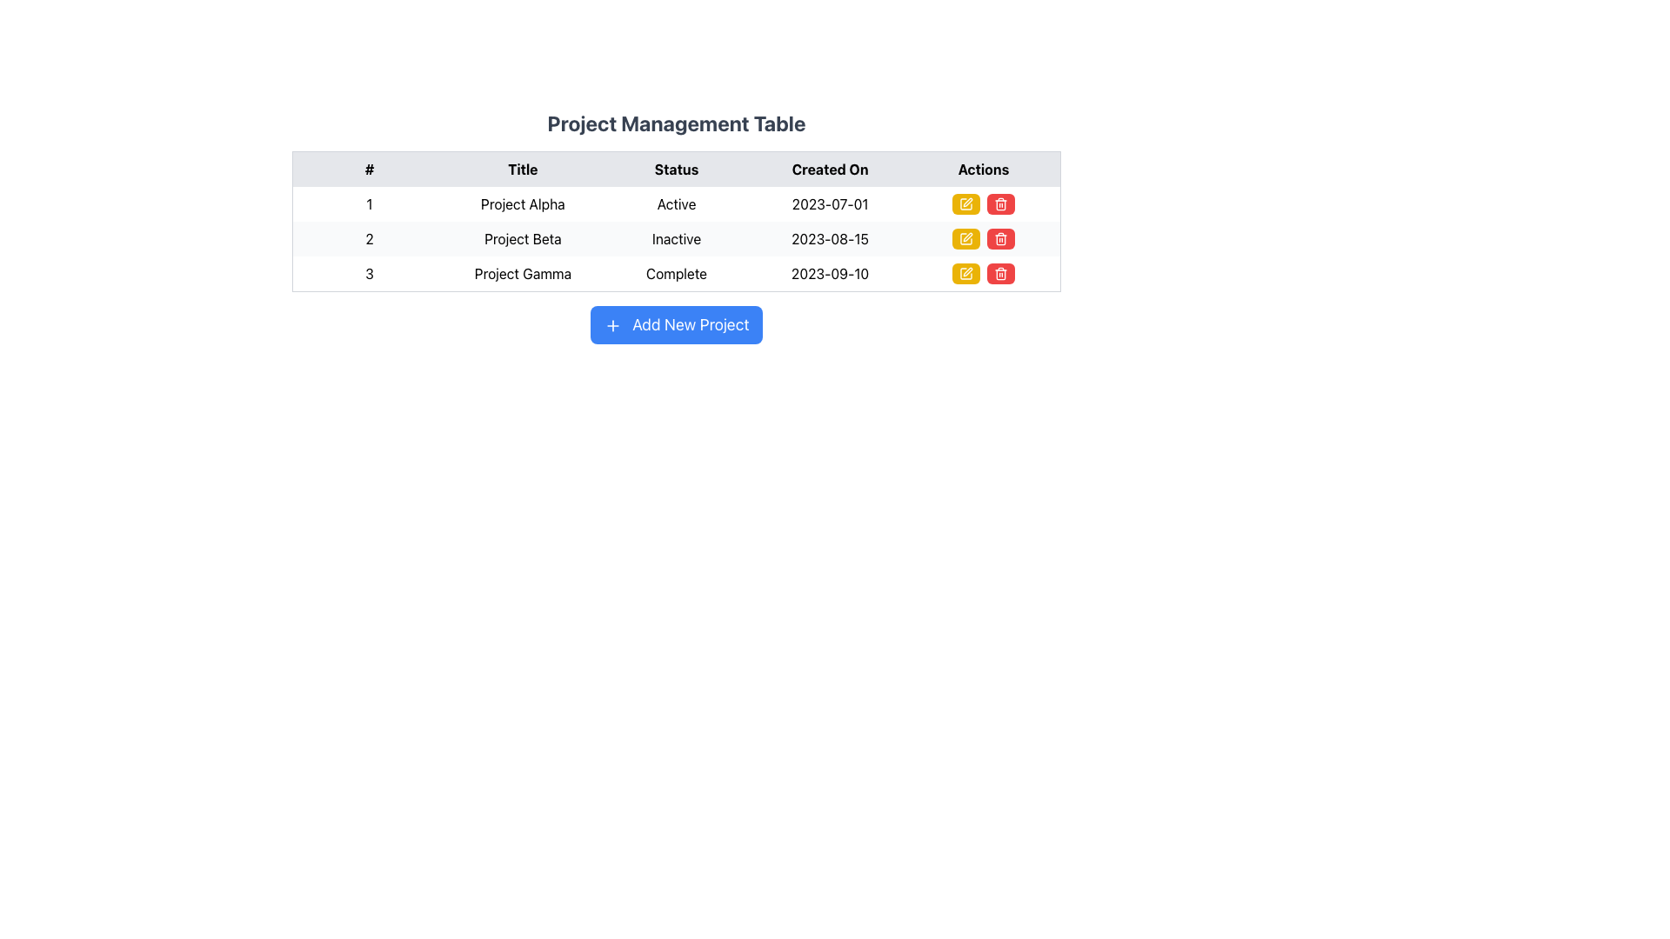 The height and width of the screenshot is (939, 1670). I want to click on the plus icon located within the 'Add New Project' button, which is a small graphical component with a blue background and white strokes, positioned on the left side of the button, so click(612, 326).